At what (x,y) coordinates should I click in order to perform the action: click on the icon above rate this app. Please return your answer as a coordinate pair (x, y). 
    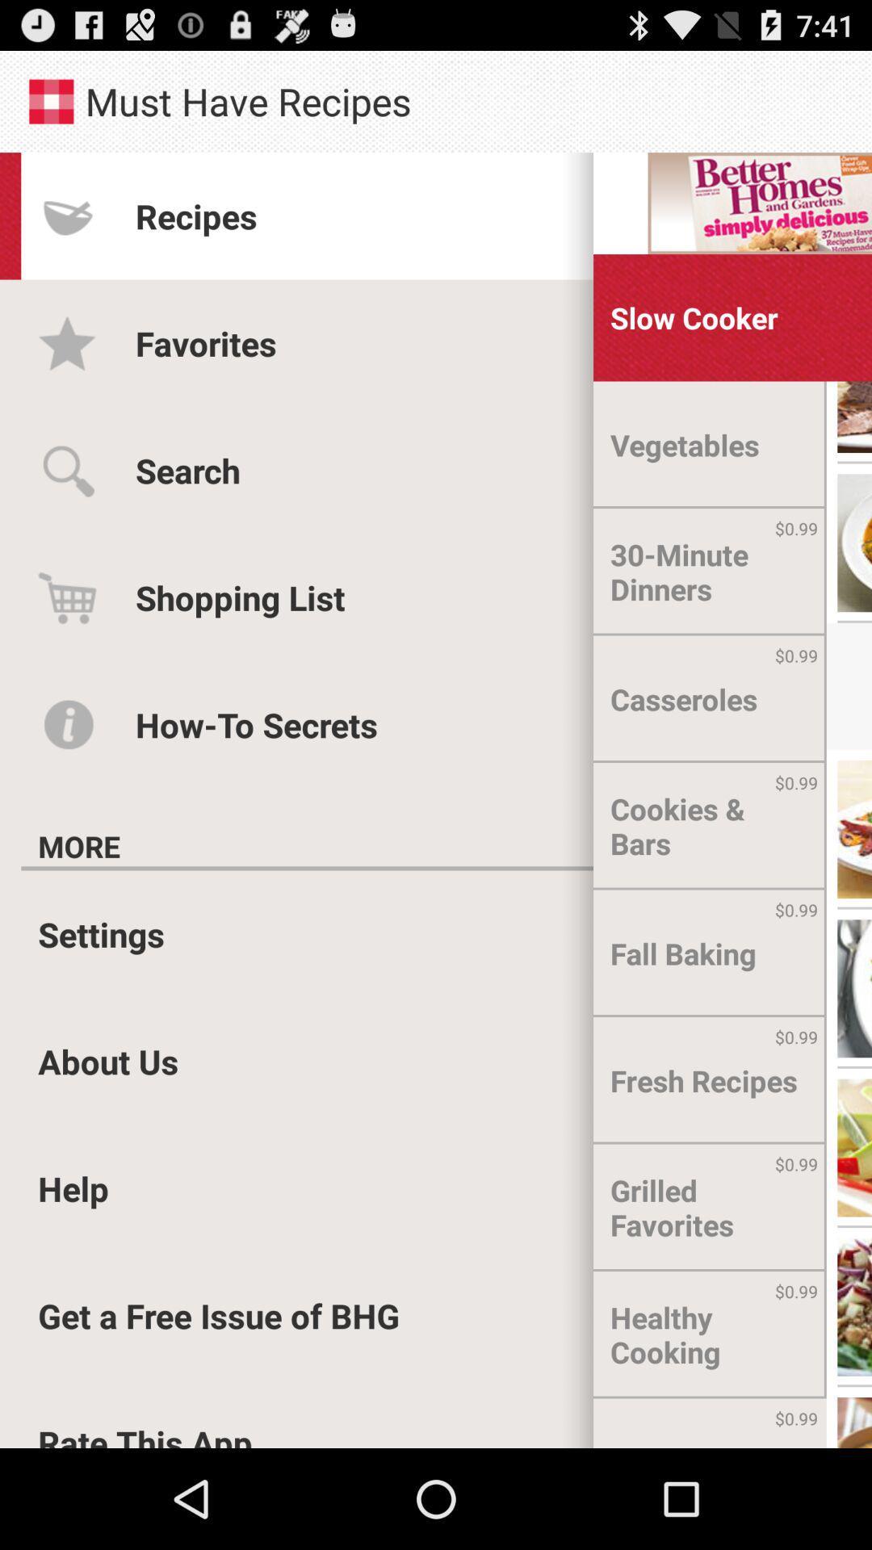
    Looking at the image, I should click on (219, 1315).